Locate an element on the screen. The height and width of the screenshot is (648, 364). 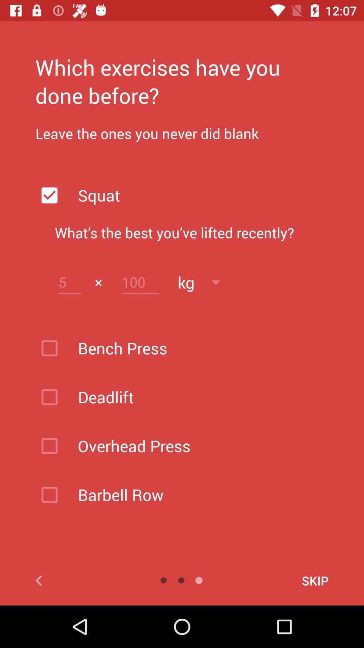
text box to enter number is located at coordinates (70, 282).